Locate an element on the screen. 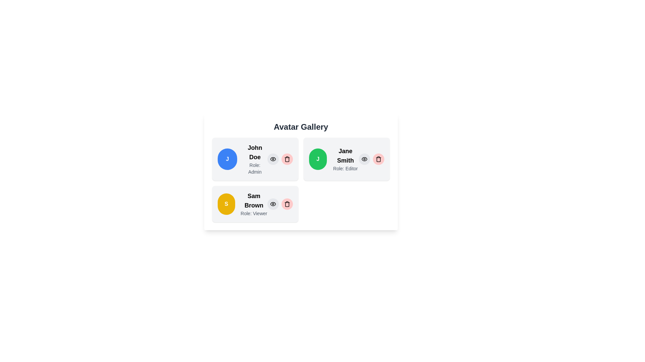  the left button with an eye icon in the 'Sam Brown Role: Viewer' section for tooltip is located at coordinates (280, 204).